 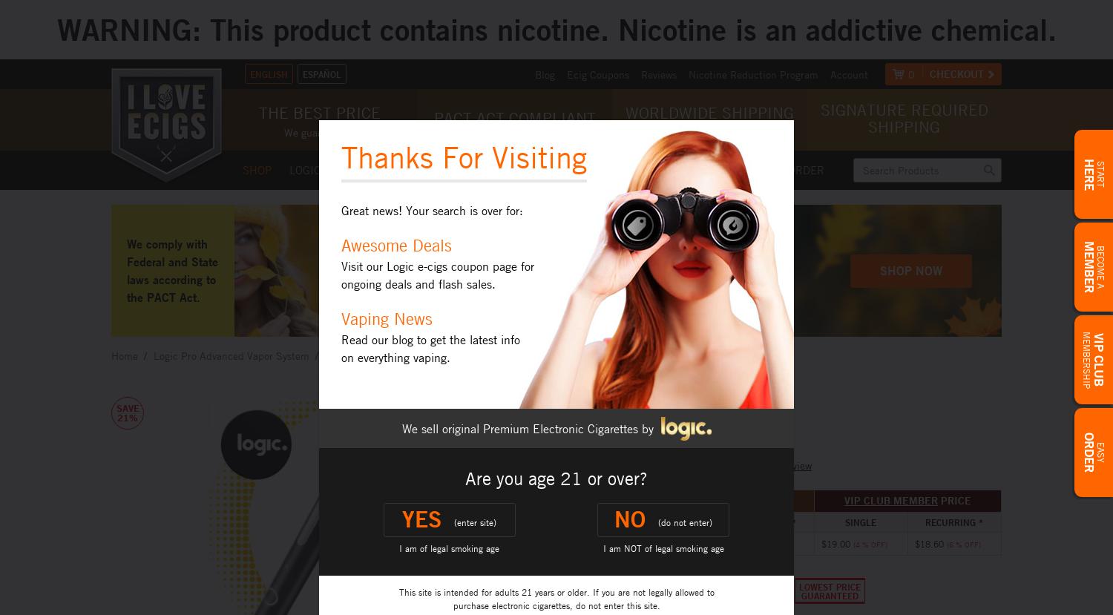 I want to click on 'Enjoy 1% off', so click(x=460, y=234).